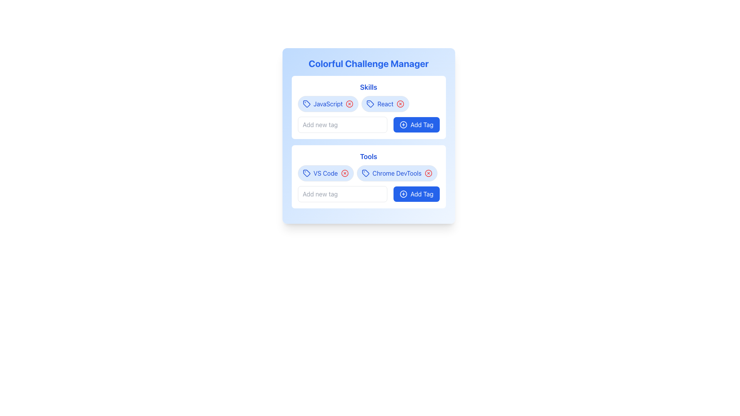 Image resolution: width=740 pixels, height=416 pixels. I want to click on the red circular 'X' button located to the right of the 'JavaScript' tag in the 'Skills' section, so click(349, 104).